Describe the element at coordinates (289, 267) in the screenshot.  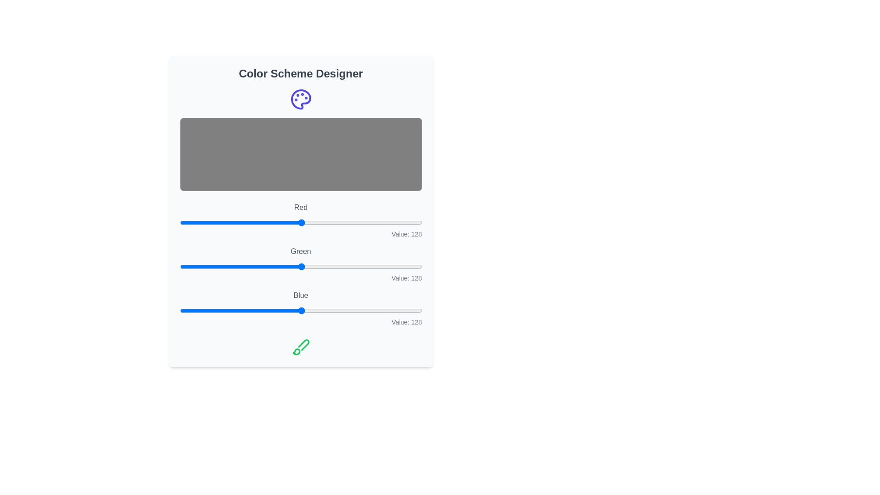
I see `the slider` at that location.